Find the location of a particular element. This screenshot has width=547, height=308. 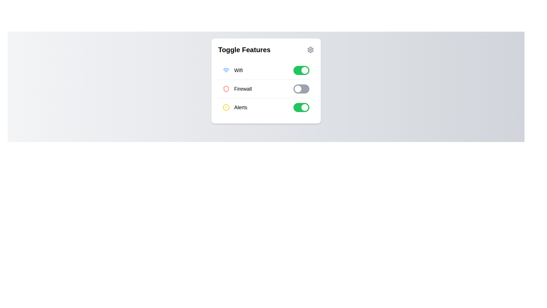

the Firewall feature label is located at coordinates (237, 89).